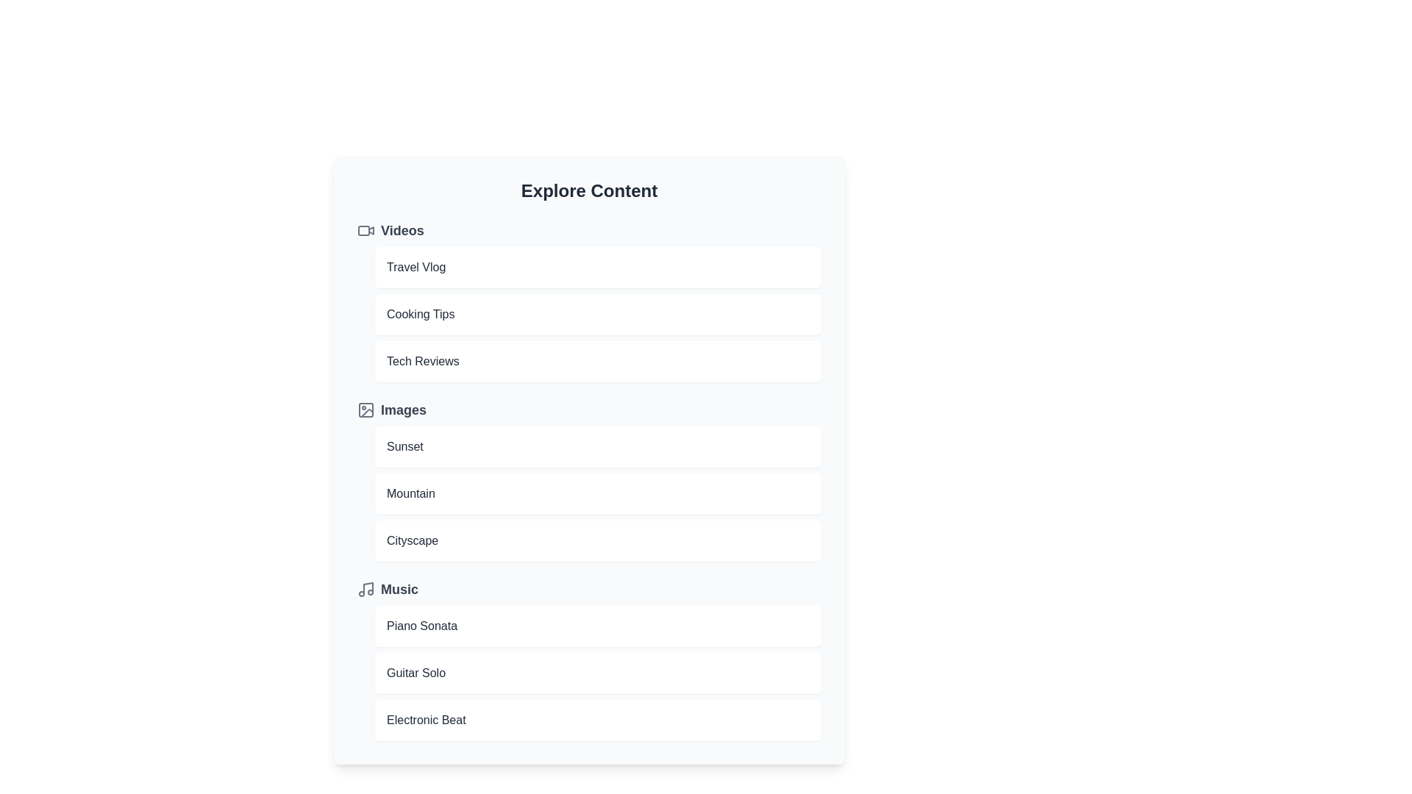  I want to click on the item Travel Vlog to preview it, so click(598, 267).